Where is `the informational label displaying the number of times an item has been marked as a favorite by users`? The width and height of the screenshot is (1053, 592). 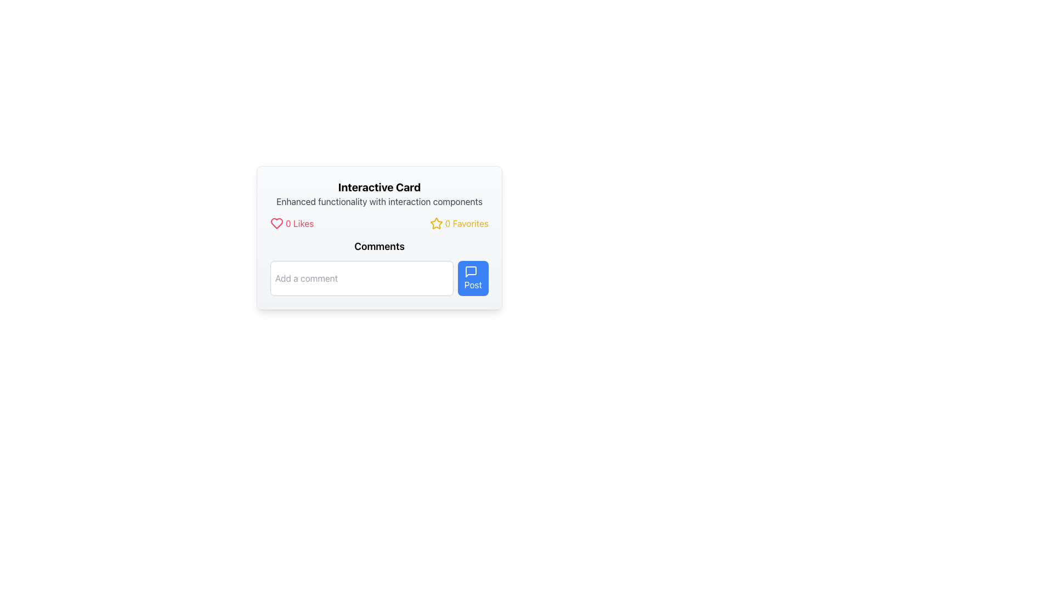
the informational label displaying the number of times an item has been marked as a favorite by users is located at coordinates (467, 223).